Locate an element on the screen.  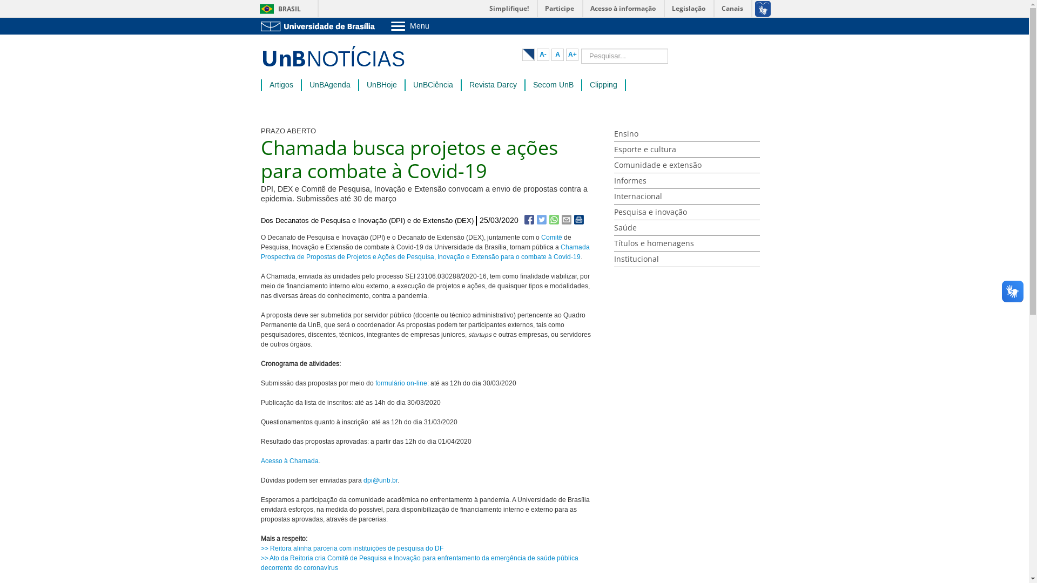
'A-' is located at coordinates (543, 55).